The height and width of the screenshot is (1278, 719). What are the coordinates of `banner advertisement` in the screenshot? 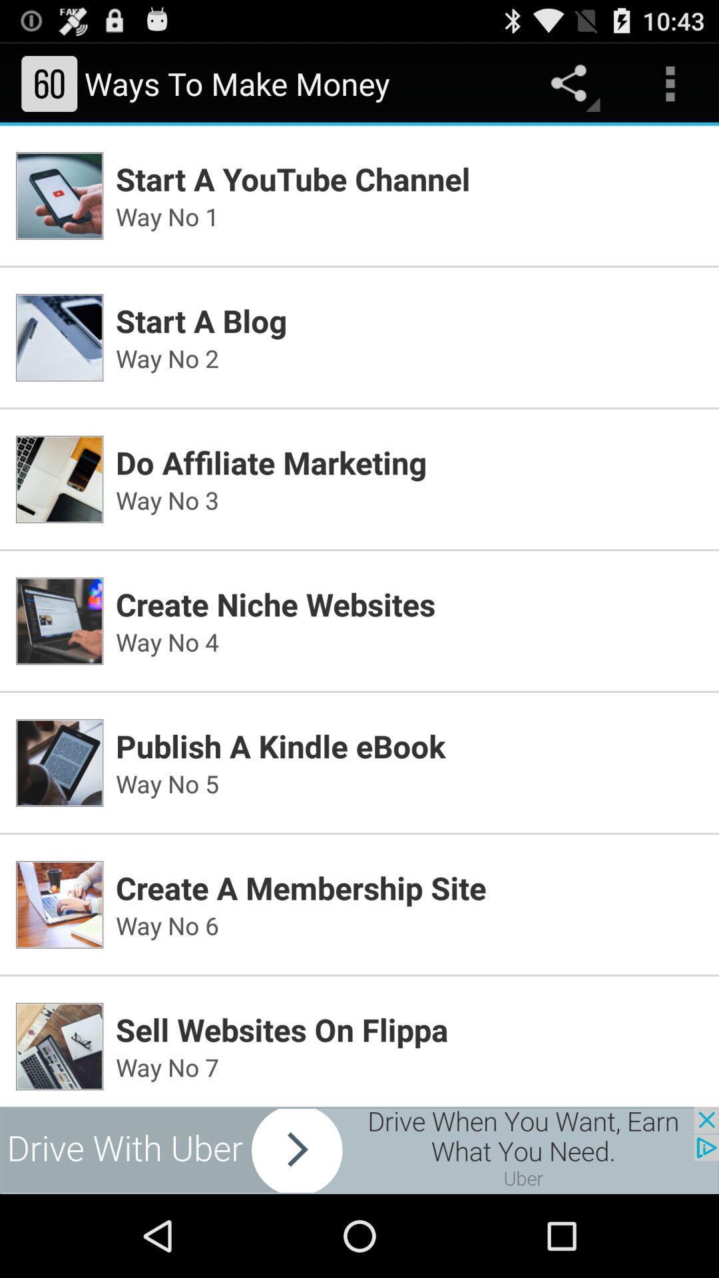 It's located at (359, 1150).